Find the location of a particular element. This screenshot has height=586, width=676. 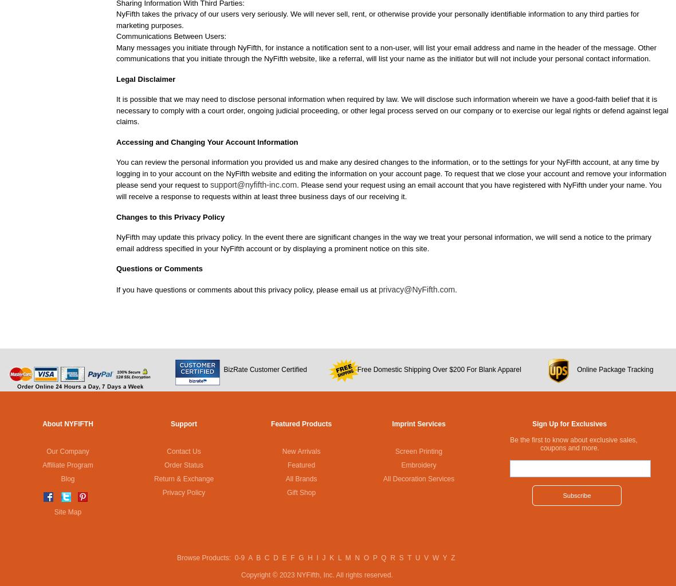

'0-9' is located at coordinates (238, 557).